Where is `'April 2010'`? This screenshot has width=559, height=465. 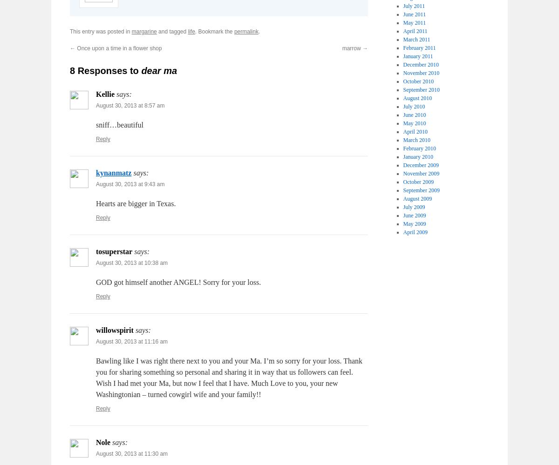 'April 2010' is located at coordinates (415, 131).